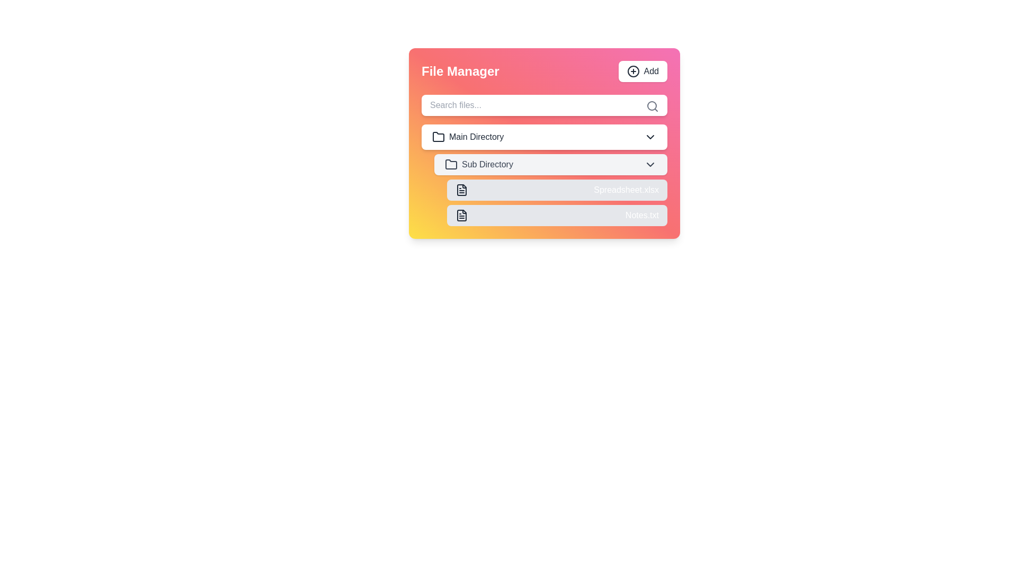 The image size is (1017, 572). Describe the element at coordinates (451, 165) in the screenshot. I see `the folder icon outlined with a dark border, located to the left of the 'Sub Directory' text` at that location.